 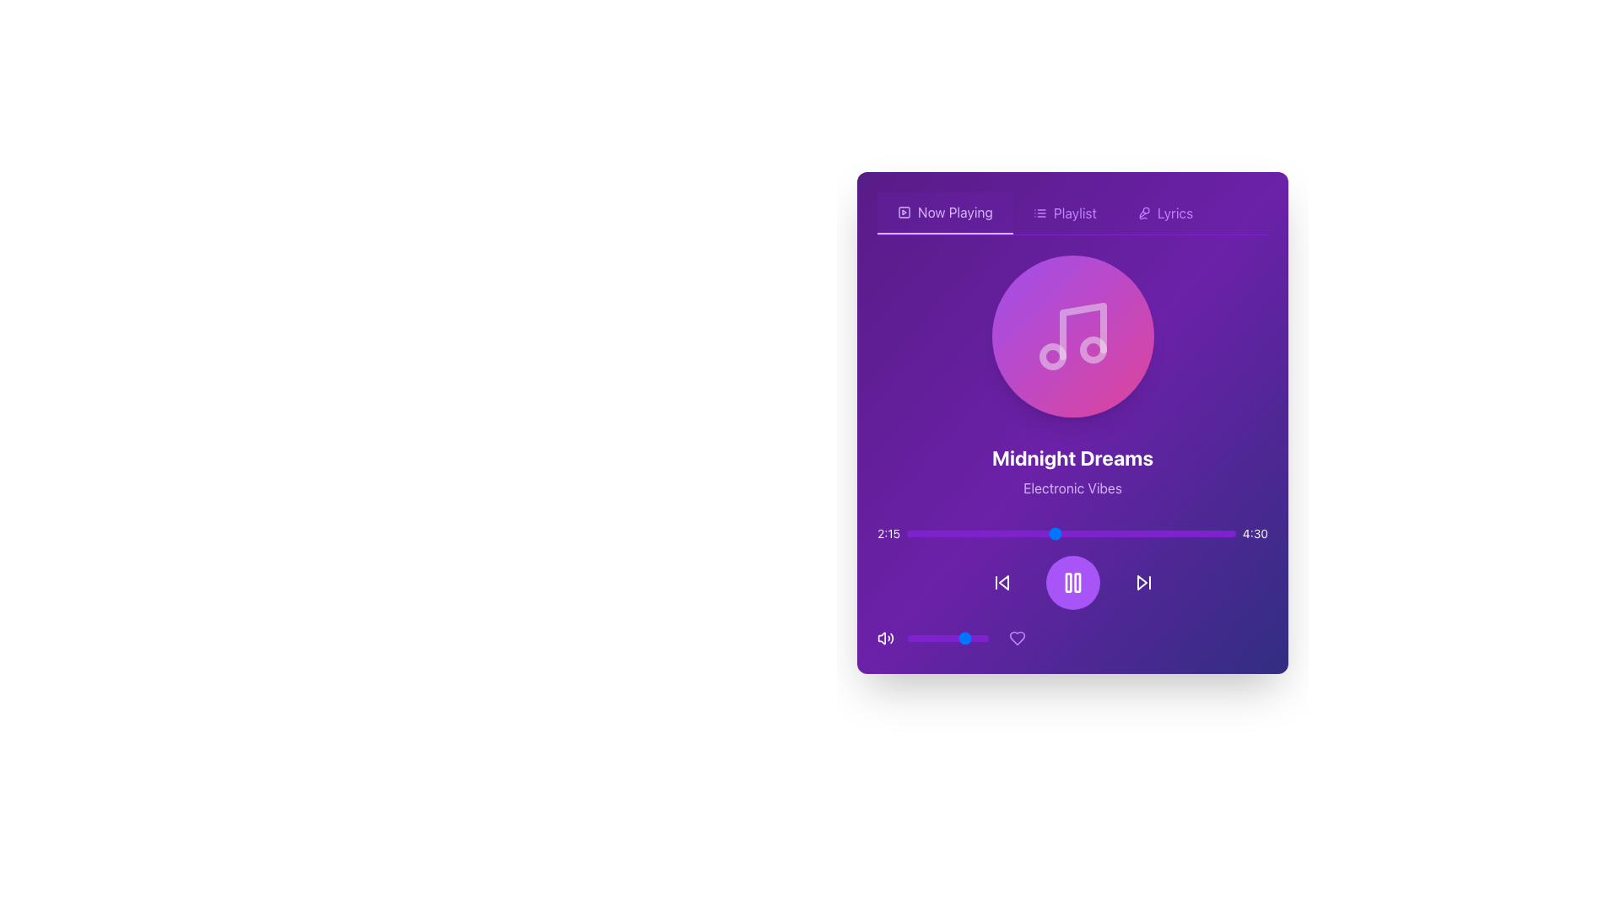 I want to click on text displayed in the title label of the currently playing song, located at the top-center of the music player interface, above the subtitle 'Electronic Vibes', so click(x=1072, y=458).